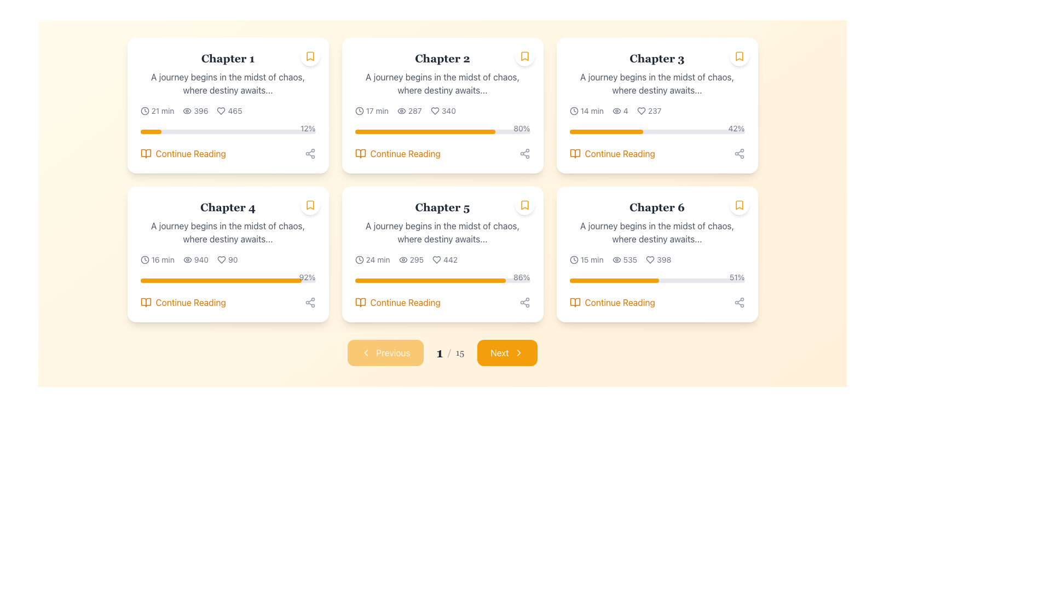 Image resolution: width=1051 pixels, height=591 pixels. I want to click on the bookmark icon in the top-right corner of the 'Chapter 1' card, so click(309, 56).